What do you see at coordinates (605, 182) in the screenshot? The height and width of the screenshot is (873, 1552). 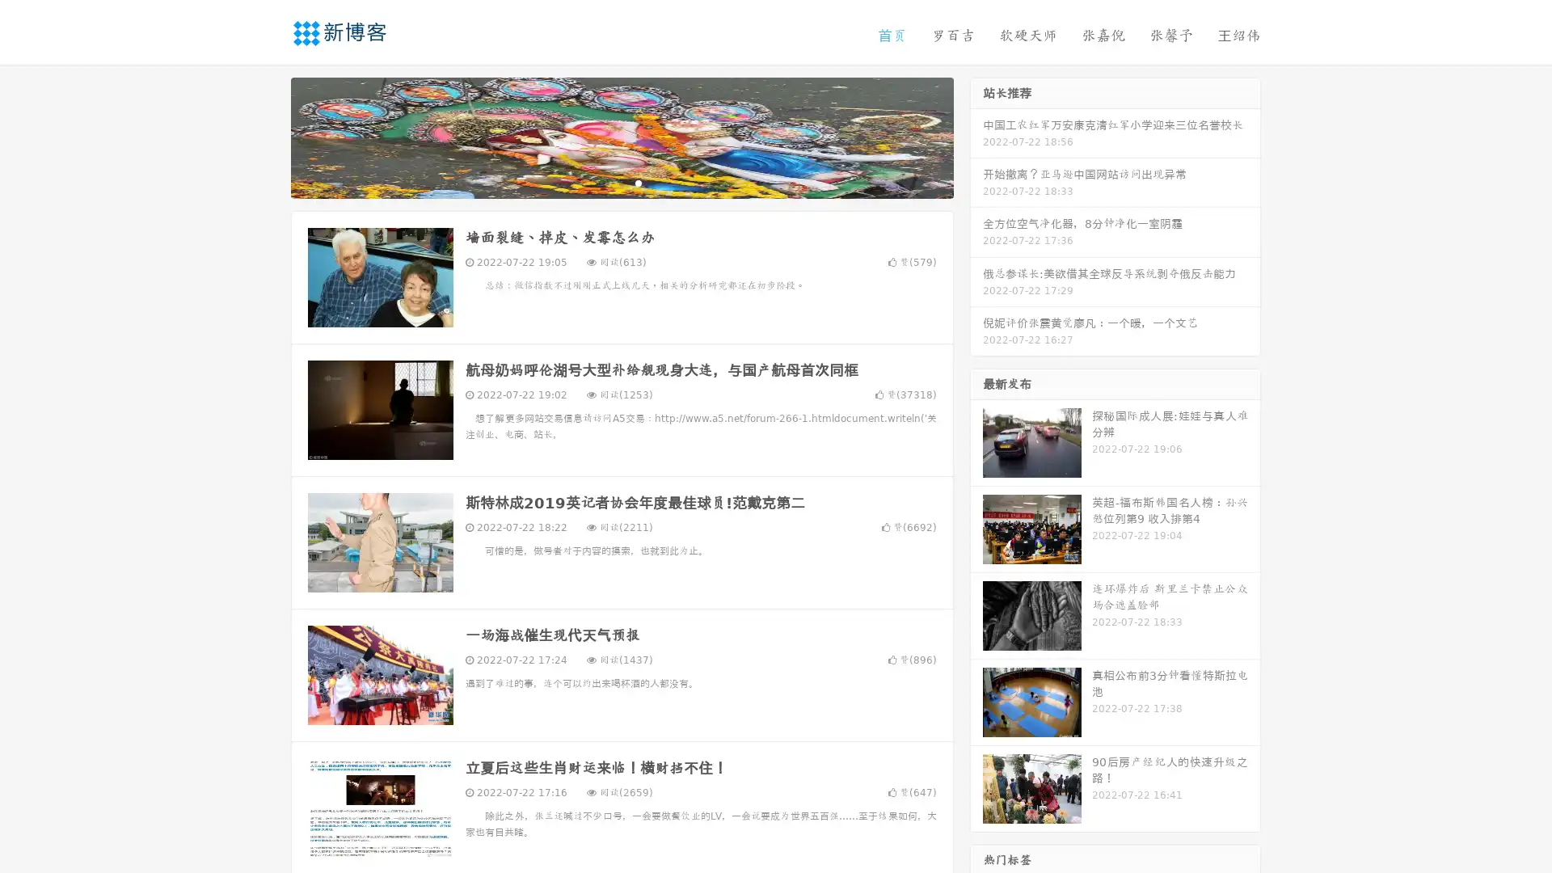 I see `Go to slide 1` at bounding box center [605, 182].